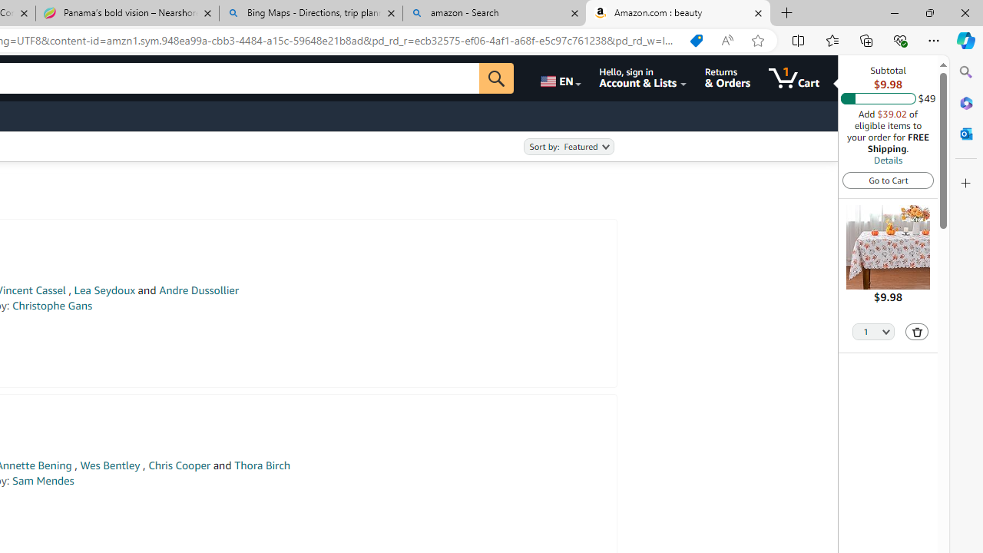  Describe the element at coordinates (888, 160) in the screenshot. I see `'Details'` at that location.